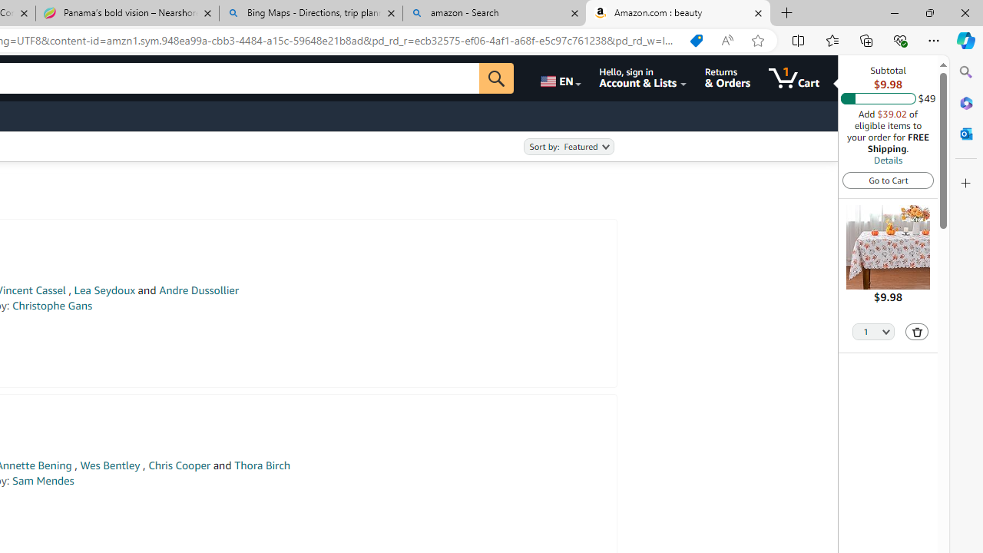  Describe the element at coordinates (888, 160) in the screenshot. I see `'Details'` at that location.